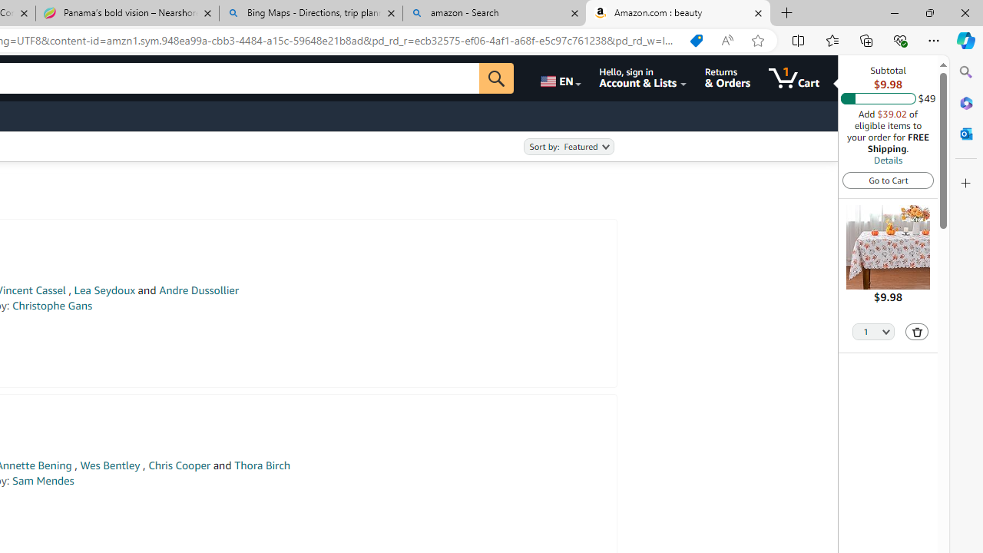  Describe the element at coordinates (888, 160) in the screenshot. I see `'Details'` at that location.